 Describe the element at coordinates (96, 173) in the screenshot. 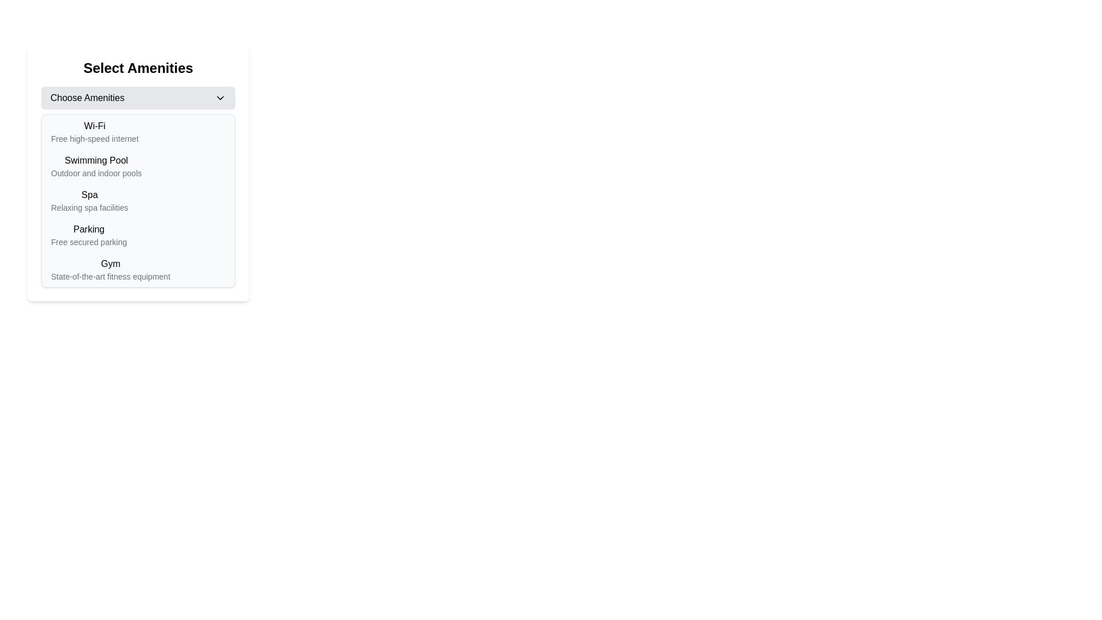

I see `the descriptive text element located directly beneath the 'Swimming Pool' title, which indicates the types of pools available` at that location.